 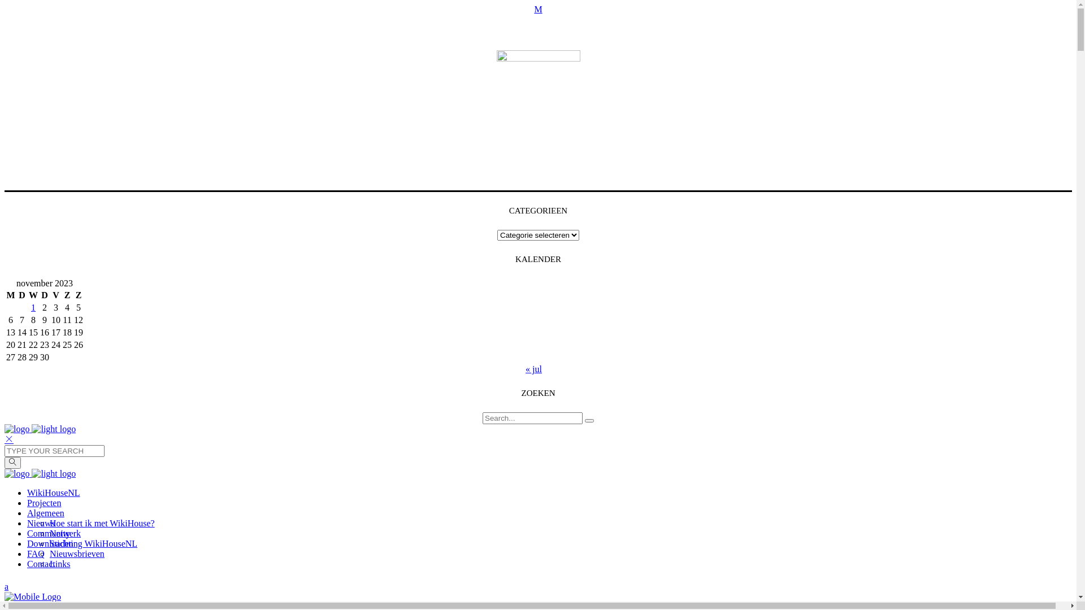 I want to click on '1', so click(x=33, y=307).